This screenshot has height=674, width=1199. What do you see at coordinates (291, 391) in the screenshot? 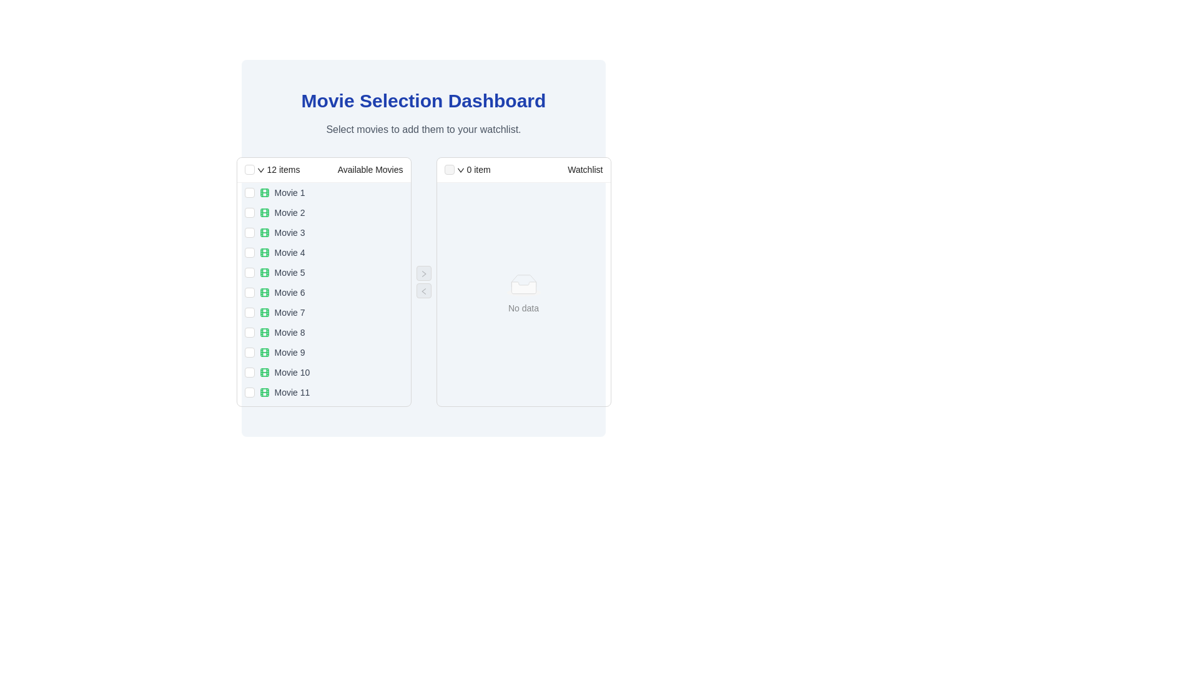
I see `text label representing the movie title, which is the last item in the vertical list of available movies and follows 'Movie 10'` at bounding box center [291, 391].